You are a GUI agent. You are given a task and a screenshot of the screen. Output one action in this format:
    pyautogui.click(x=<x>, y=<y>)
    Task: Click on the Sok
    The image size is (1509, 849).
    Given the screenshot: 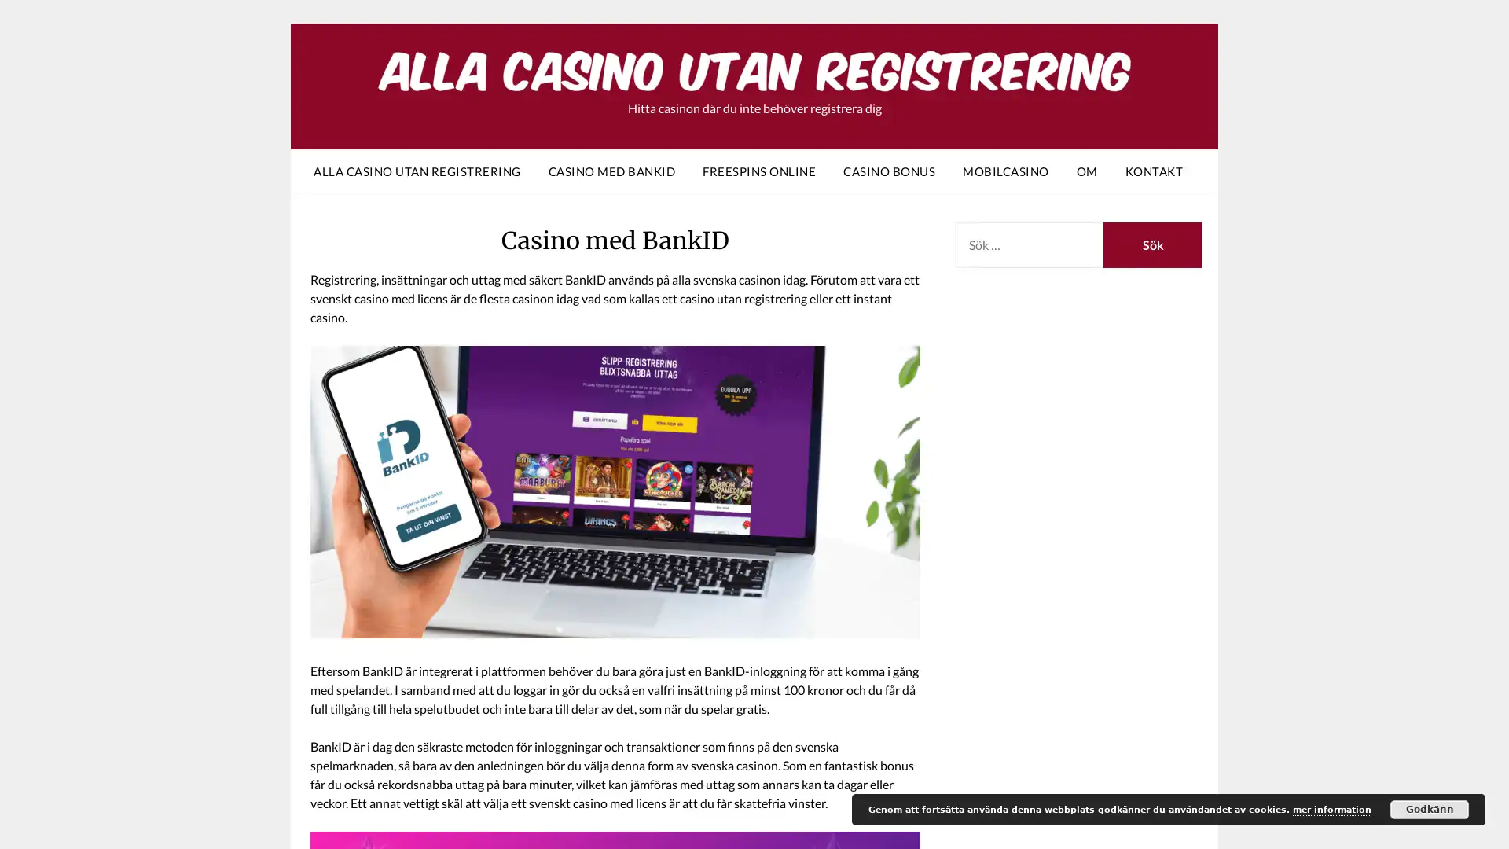 What is the action you would take?
    pyautogui.click(x=1152, y=245)
    